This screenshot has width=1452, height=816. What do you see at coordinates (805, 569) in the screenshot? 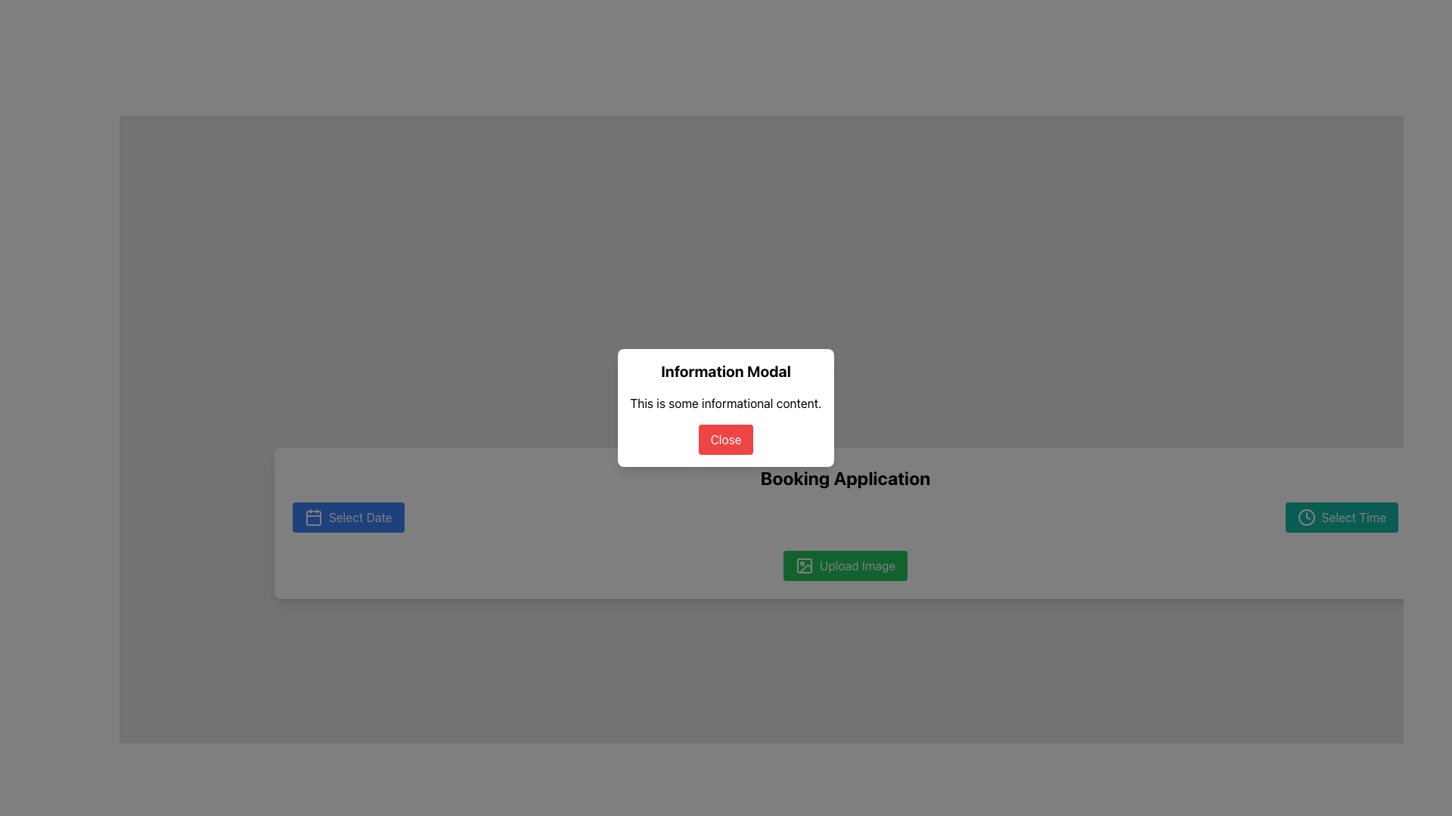
I see `the slanted line segment graphic element located in the bottom-right area of the icon next to the 'Upload Image' button` at bounding box center [805, 569].